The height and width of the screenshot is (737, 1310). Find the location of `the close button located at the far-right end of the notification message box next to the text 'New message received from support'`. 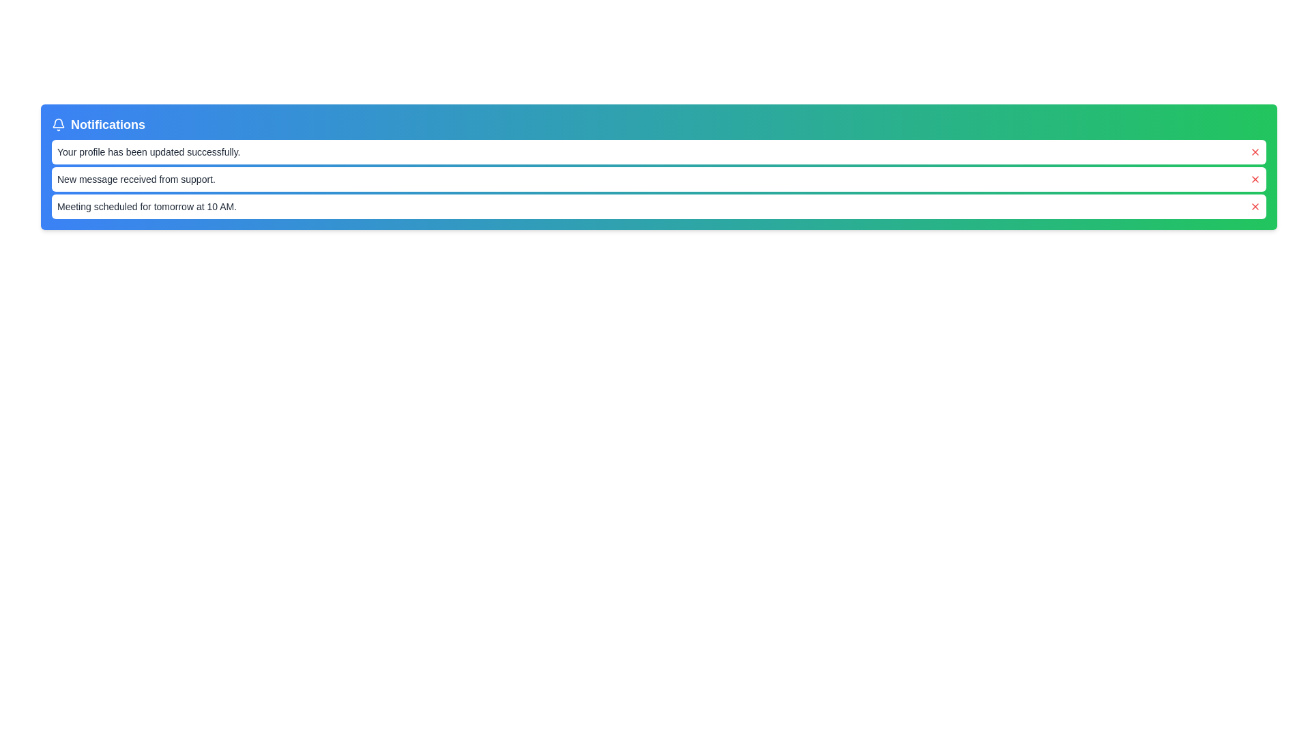

the close button located at the far-right end of the notification message box next to the text 'New message received from support' is located at coordinates (1255, 178).